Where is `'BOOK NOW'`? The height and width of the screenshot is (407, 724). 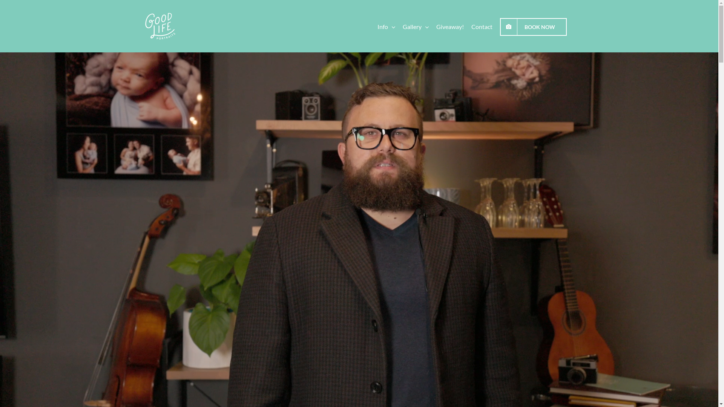 'BOOK NOW' is located at coordinates (500, 26).